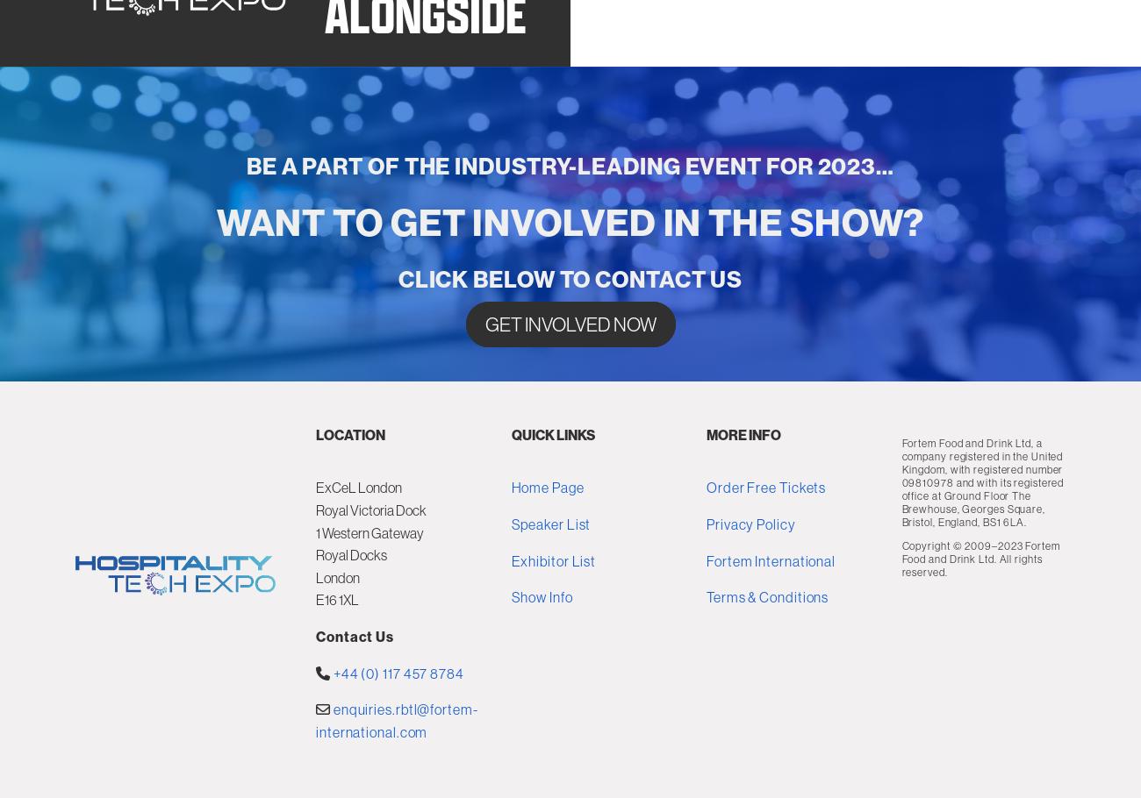  I want to click on 'CLICK BELOW TO CONTACT US', so click(570, 392).